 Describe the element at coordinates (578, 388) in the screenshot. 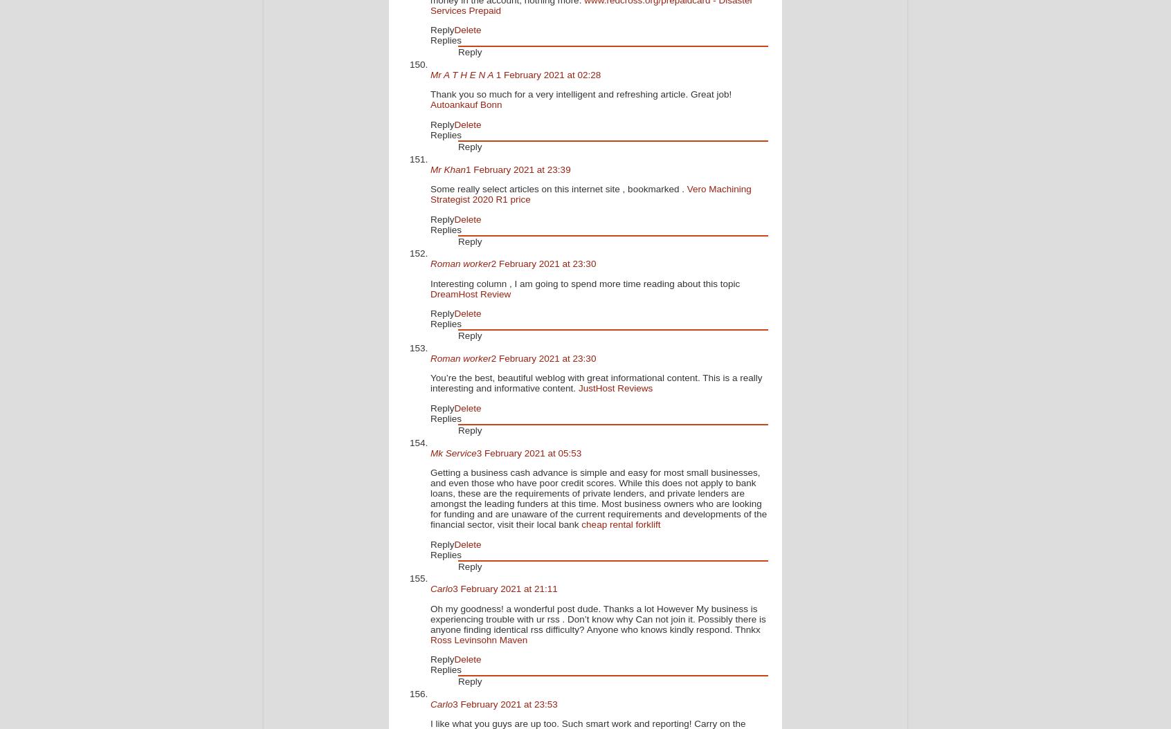

I see `'JustHost Reviews'` at that location.